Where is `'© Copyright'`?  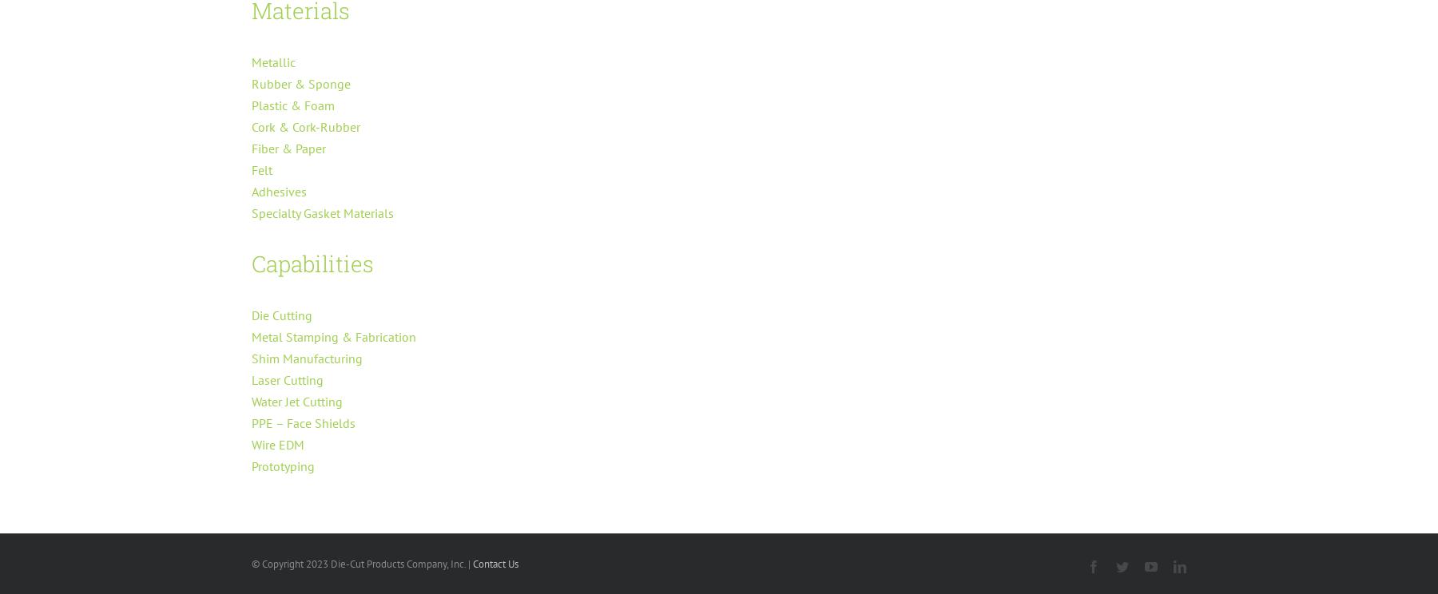
'© Copyright' is located at coordinates (279, 564).